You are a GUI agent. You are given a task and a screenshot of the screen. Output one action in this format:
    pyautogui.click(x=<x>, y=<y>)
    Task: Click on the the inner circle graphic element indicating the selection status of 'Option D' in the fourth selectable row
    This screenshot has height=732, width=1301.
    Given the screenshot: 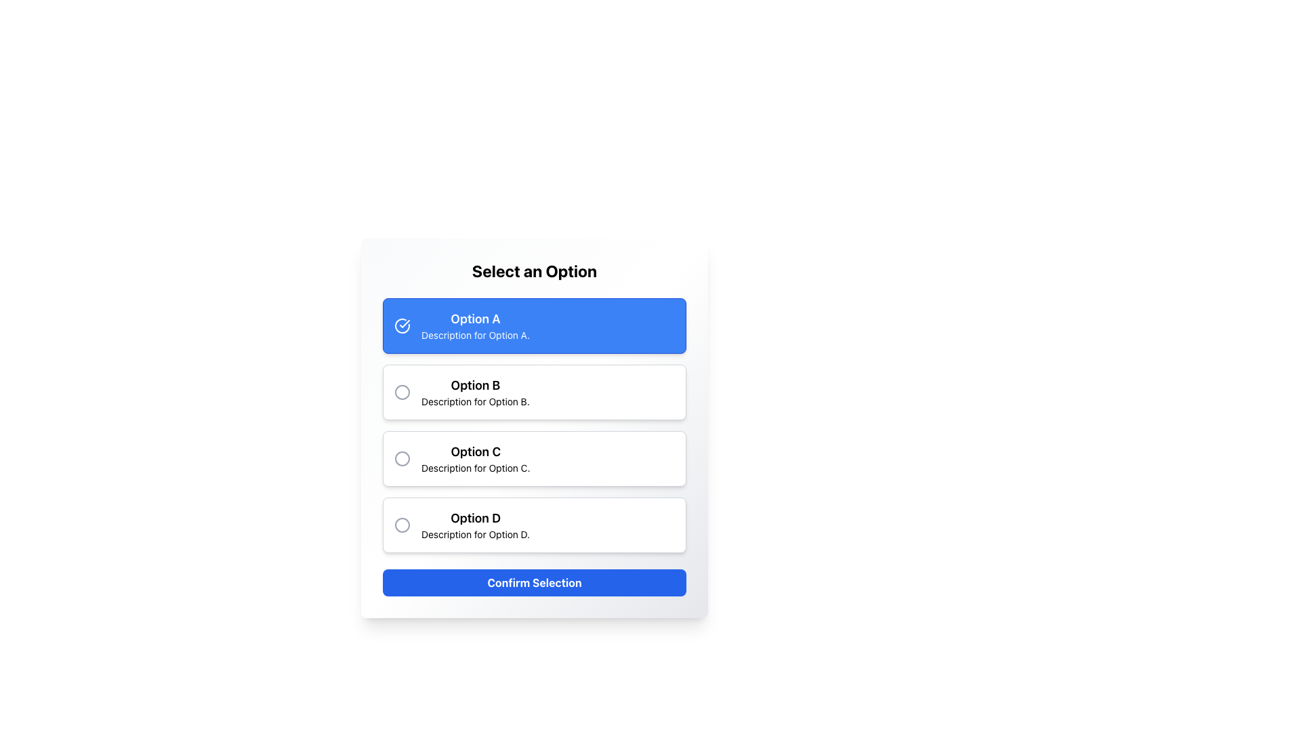 What is the action you would take?
    pyautogui.click(x=402, y=525)
    